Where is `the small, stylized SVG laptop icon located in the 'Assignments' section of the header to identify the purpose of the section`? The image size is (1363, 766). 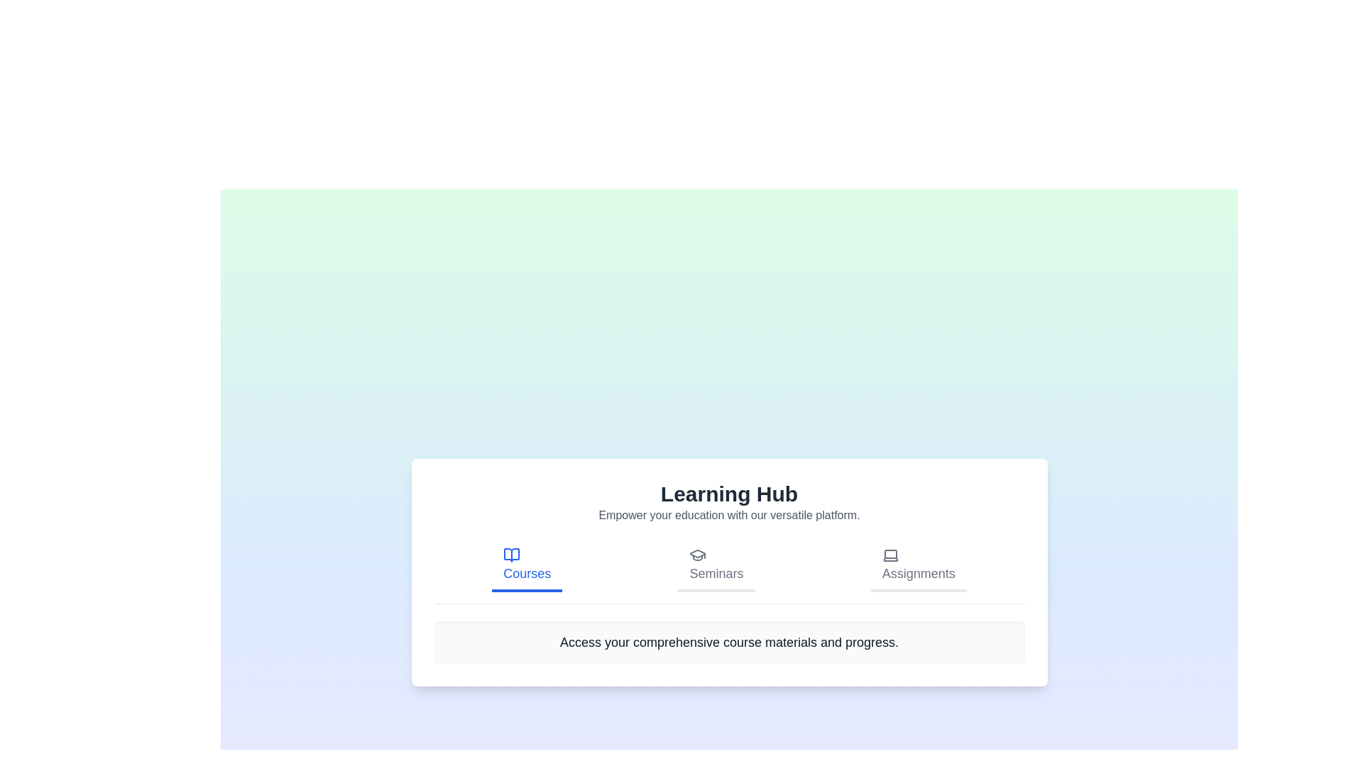
the small, stylized SVG laptop icon located in the 'Assignments' section of the header to identify the purpose of the section is located at coordinates (889, 554).